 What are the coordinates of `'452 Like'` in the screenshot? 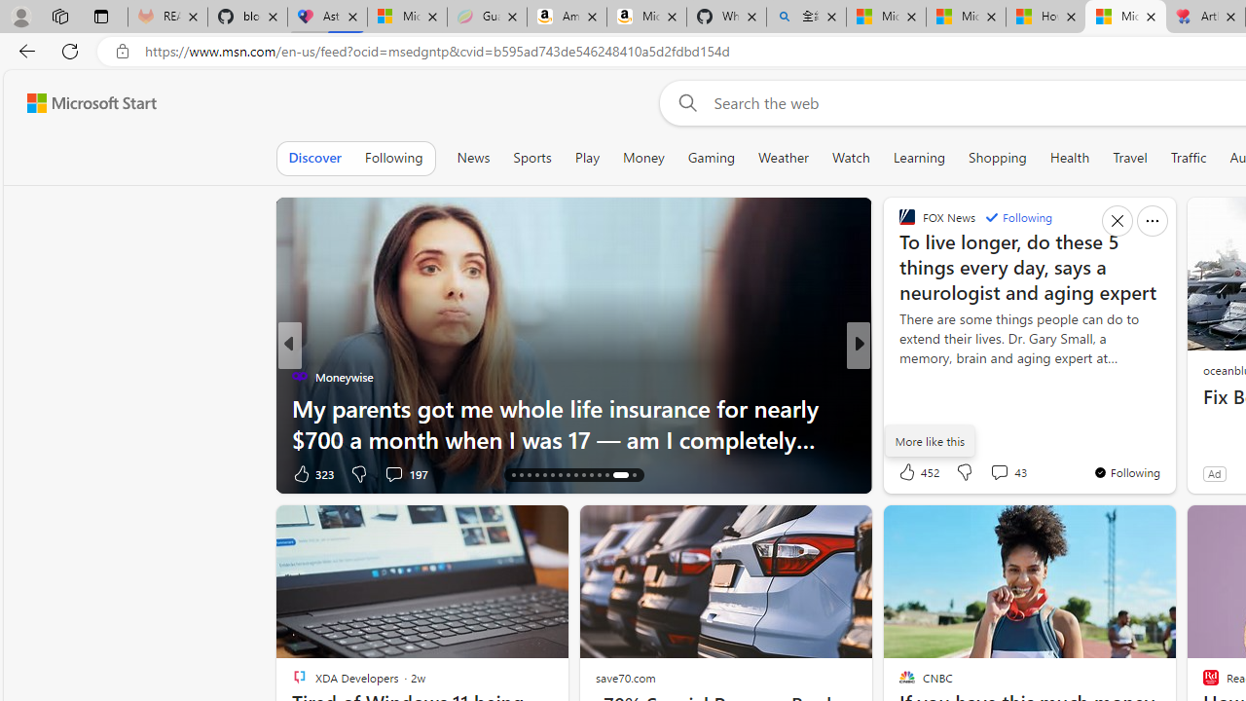 It's located at (916, 471).